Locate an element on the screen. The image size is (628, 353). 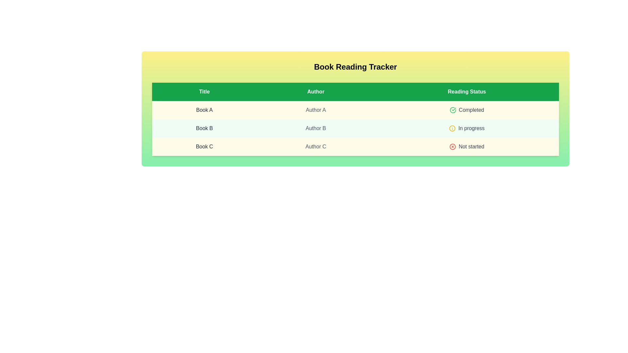
the row corresponding to Book C is located at coordinates (355, 146).